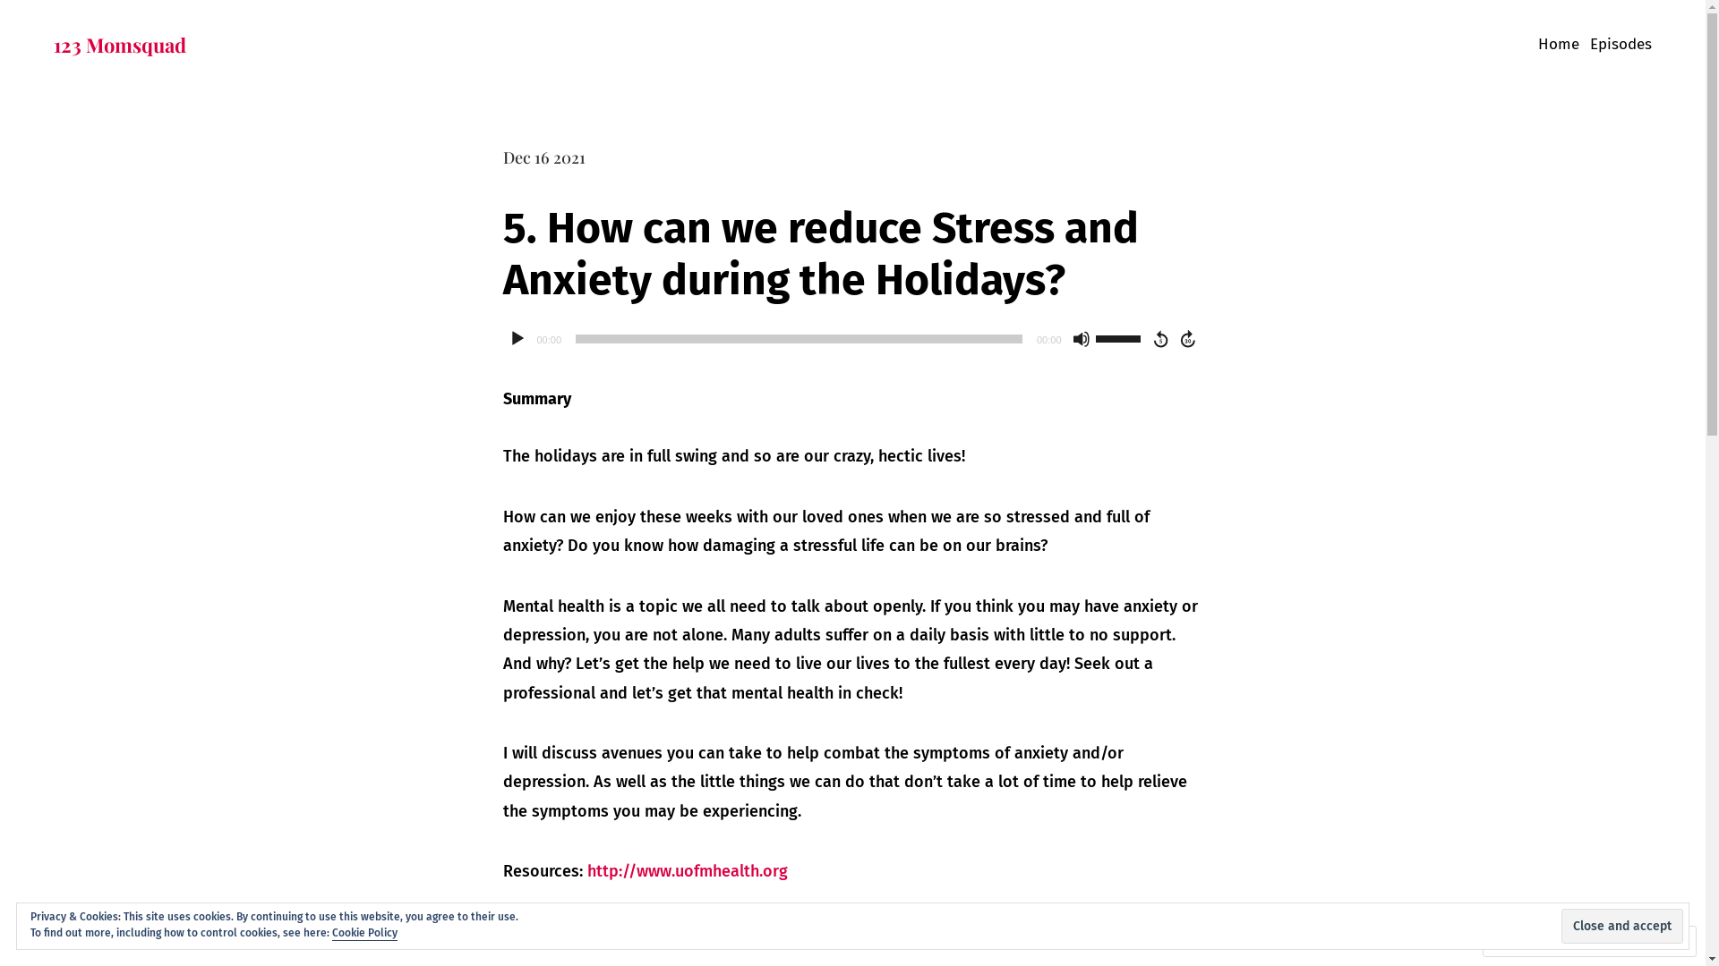 This screenshot has height=966, width=1719. What do you see at coordinates (1488, 940) in the screenshot?
I see `'Comment'` at bounding box center [1488, 940].